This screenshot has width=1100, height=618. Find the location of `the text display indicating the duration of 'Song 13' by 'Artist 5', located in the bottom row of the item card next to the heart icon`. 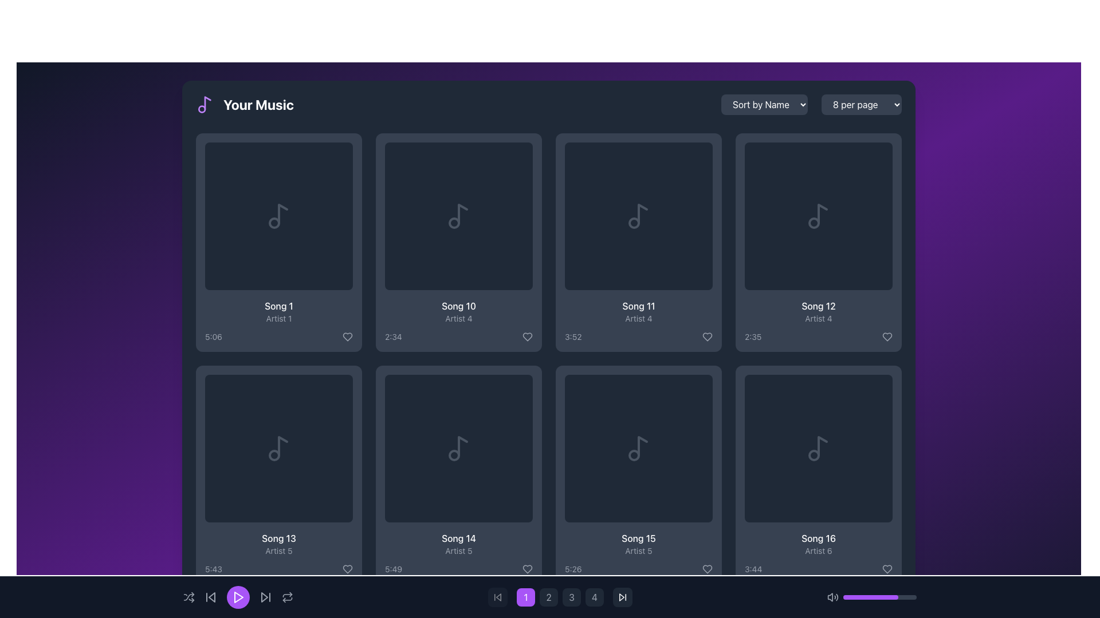

the text display indicating the duration of 'Song 13' by 'Artist 5', located in the bottom row of the item card next to the heart icon is located at coordinates (278, 569).